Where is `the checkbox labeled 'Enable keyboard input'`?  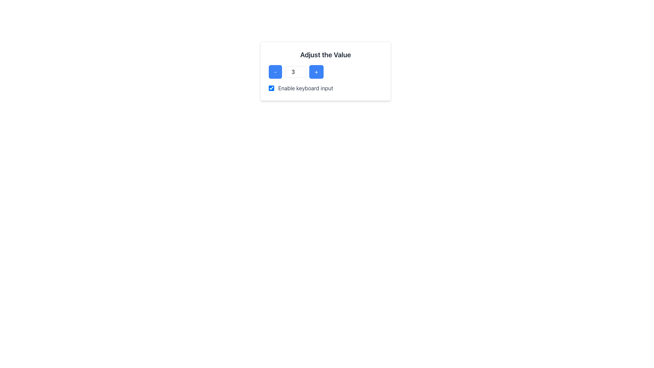 the checkbox labeled 'Enable keyboard input' is located at coordinates (271, 88).